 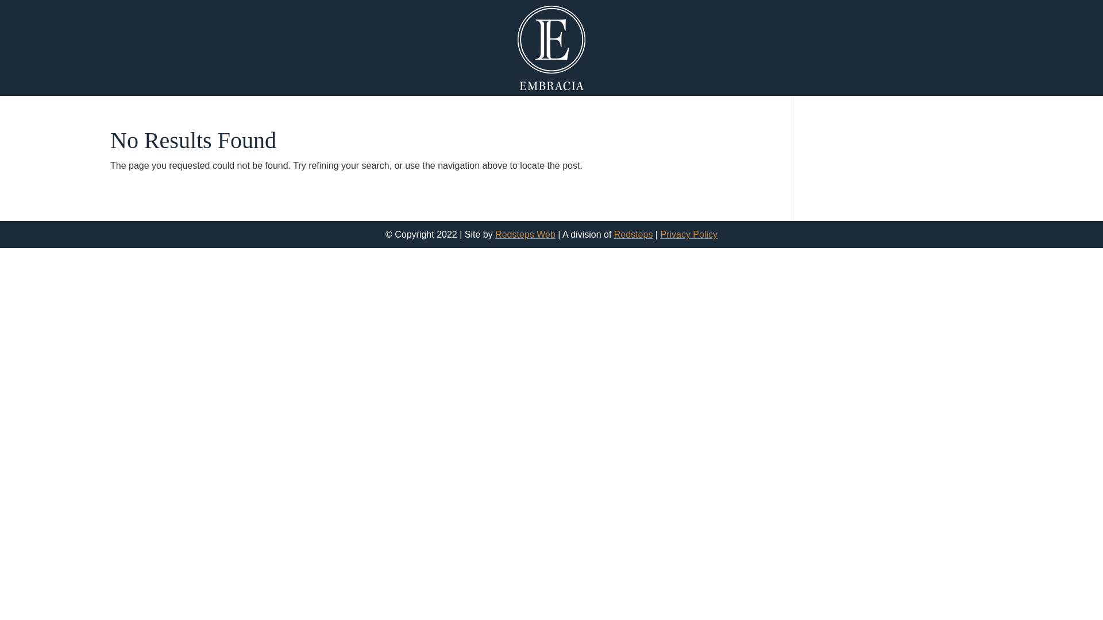 I want to click on 'Embracia Logo', so click(x=517, y=47).